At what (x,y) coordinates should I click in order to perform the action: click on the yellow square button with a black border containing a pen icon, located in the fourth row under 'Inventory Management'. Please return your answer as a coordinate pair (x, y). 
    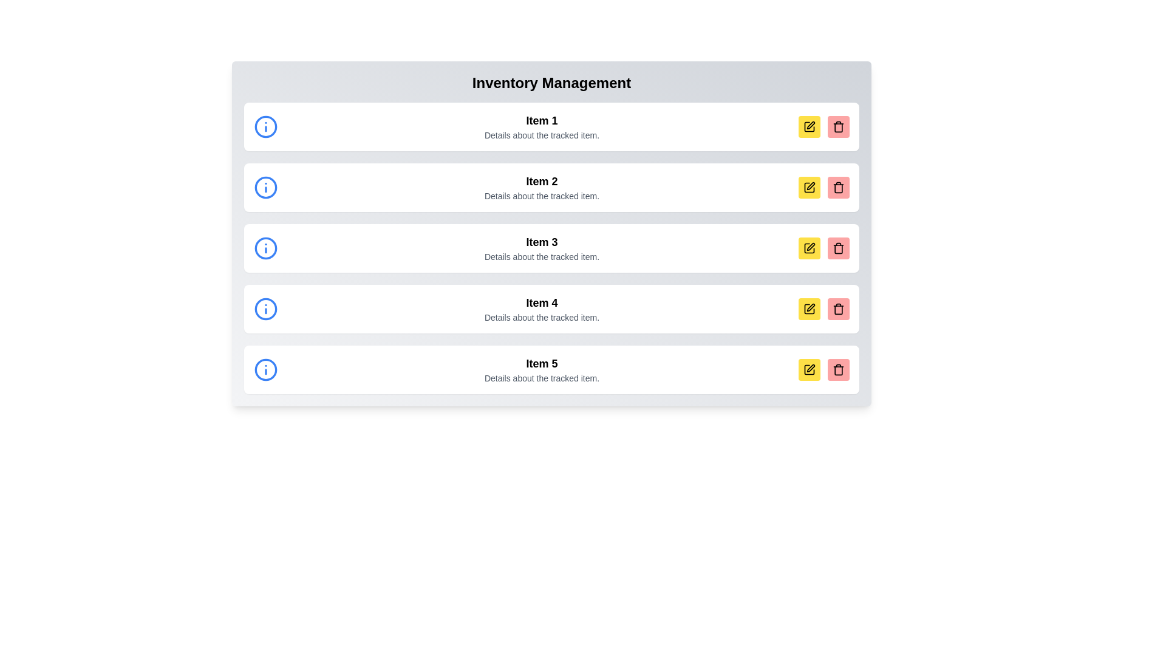
    Looking at the image, I should click on (810, 309).